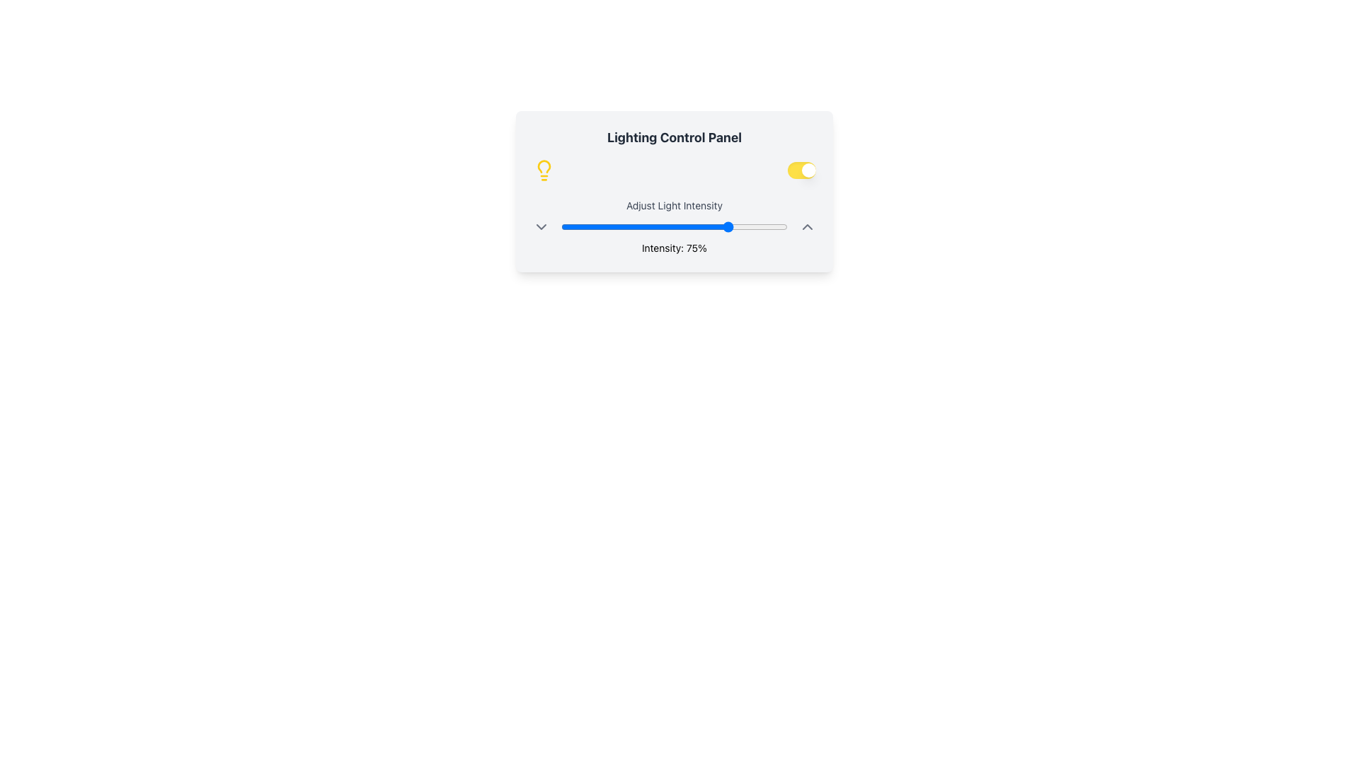 This screenshot has width=1359, height=764. I want to click on light intensity, so click(588, 226).